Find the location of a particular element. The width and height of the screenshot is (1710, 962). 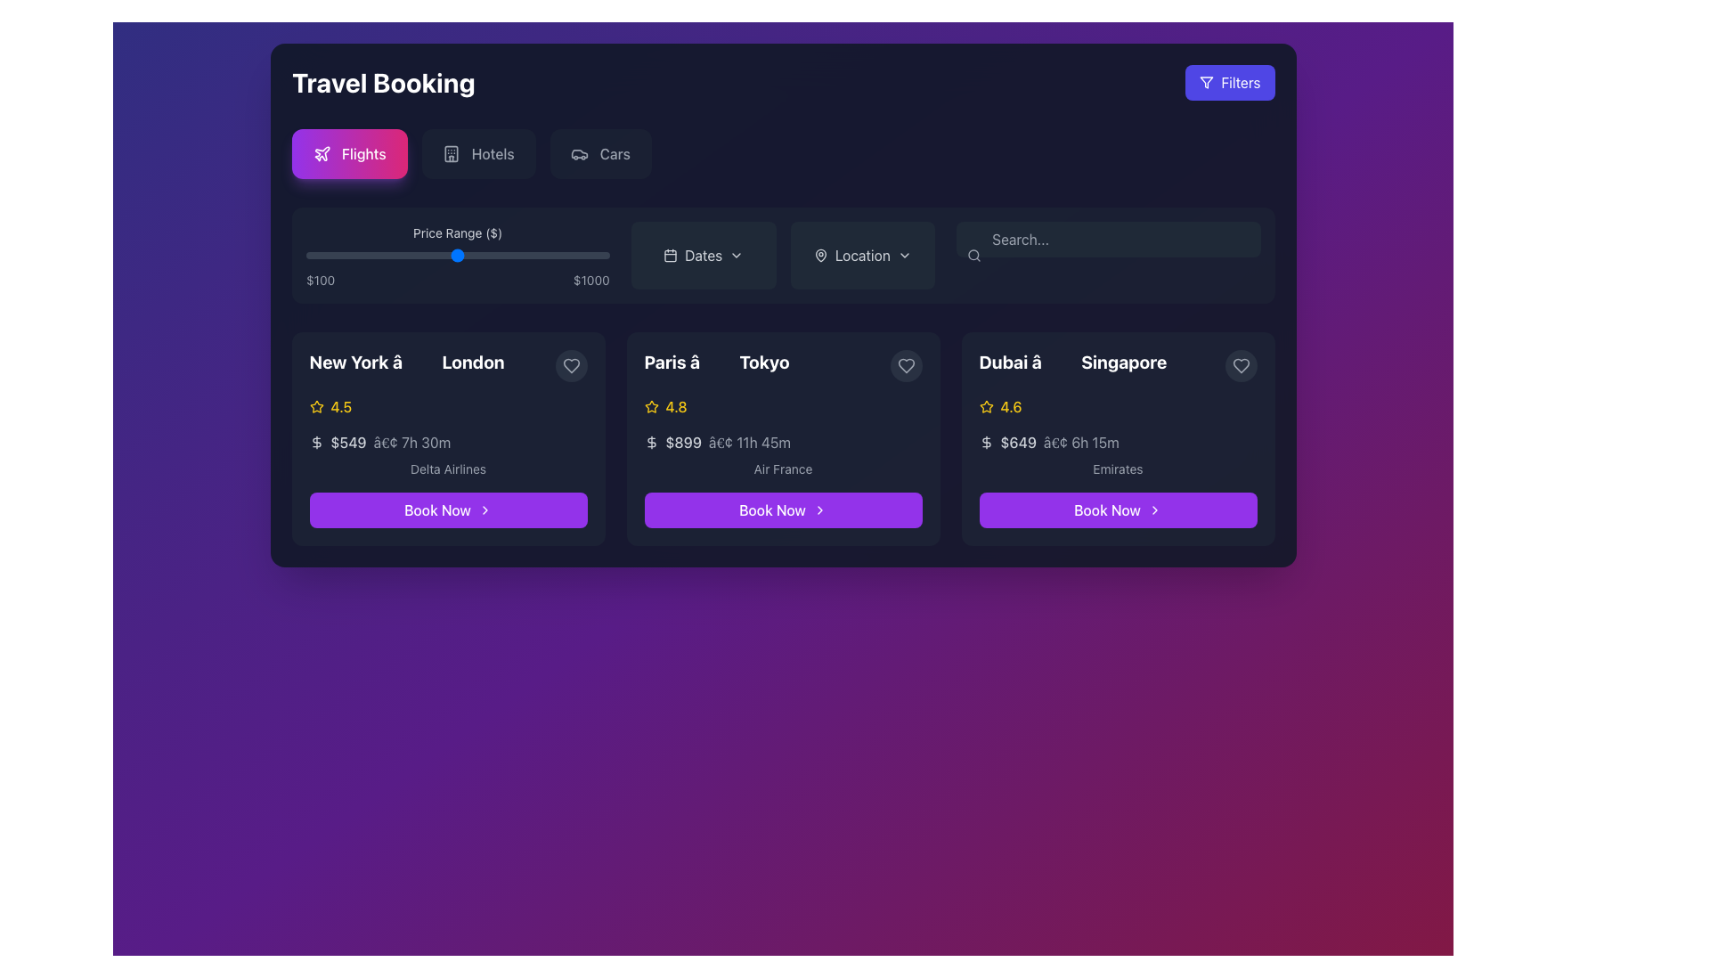

the text displaying the price and duration '$549 • 7h 30m' with the adjacent monetary icon, which is positioned below the title and rating in the first card is located at coordinates (448, 442).